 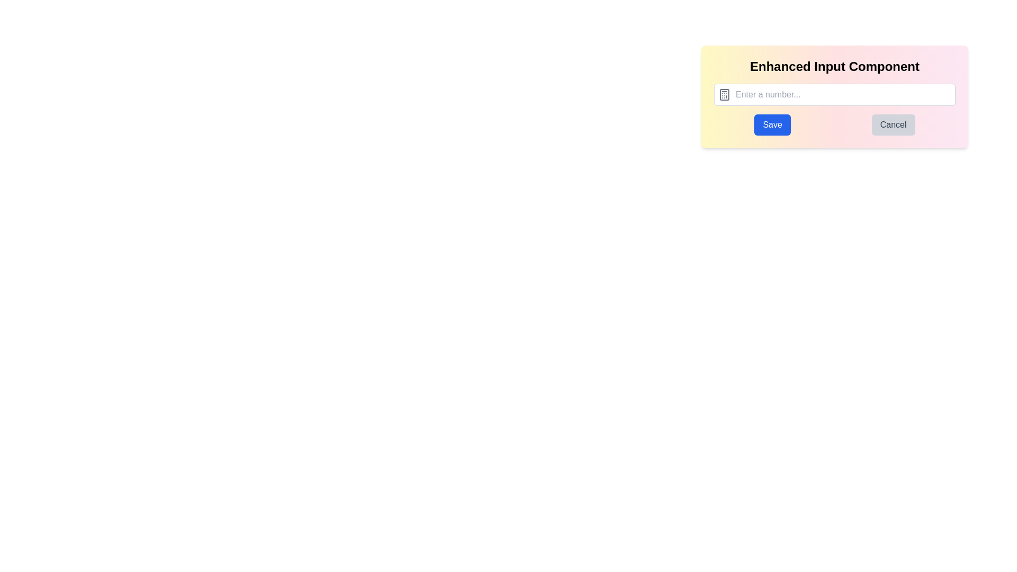 What do you see at coordinates (772, 124) in the screenshot?
I see `the 'Save' button with a blue background and white text in the 'Enhanced Input Component' dialog` at bounding box center [772, 124].